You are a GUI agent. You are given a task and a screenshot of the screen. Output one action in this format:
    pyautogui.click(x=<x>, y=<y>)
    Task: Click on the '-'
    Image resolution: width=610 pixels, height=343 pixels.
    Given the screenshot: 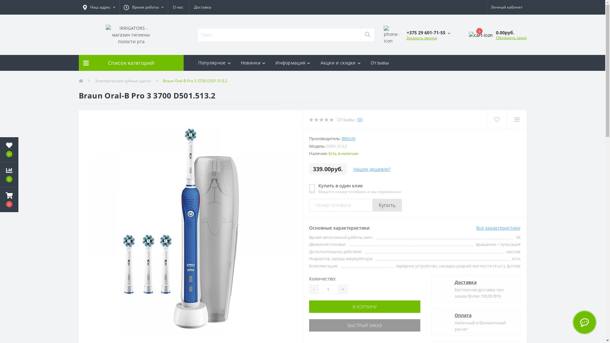 What is the action you would take?
    pyautogui.click(x=314, y=289)
    